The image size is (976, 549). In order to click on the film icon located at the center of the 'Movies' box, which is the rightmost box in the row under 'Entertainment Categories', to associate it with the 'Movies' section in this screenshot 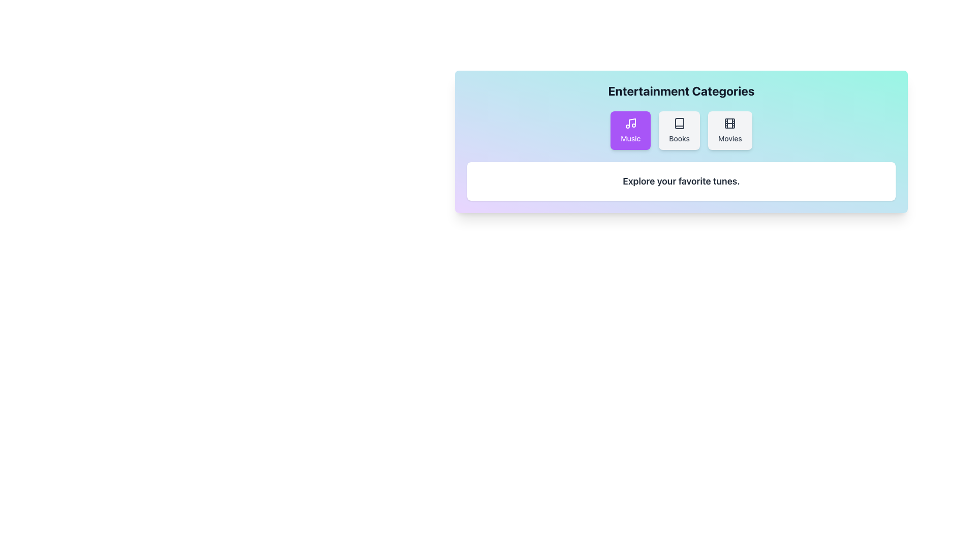, I will do `click(729, 123)`.